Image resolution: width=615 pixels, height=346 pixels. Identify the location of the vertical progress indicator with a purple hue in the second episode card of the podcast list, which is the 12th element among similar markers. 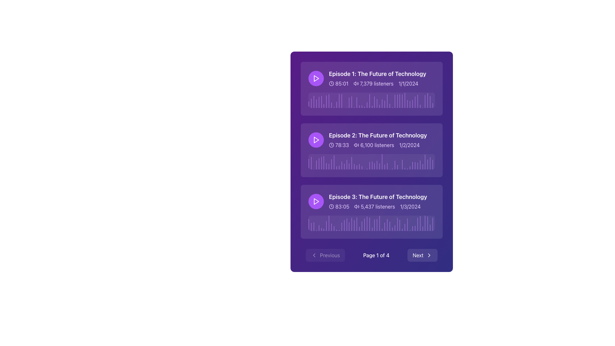
(336, 167).